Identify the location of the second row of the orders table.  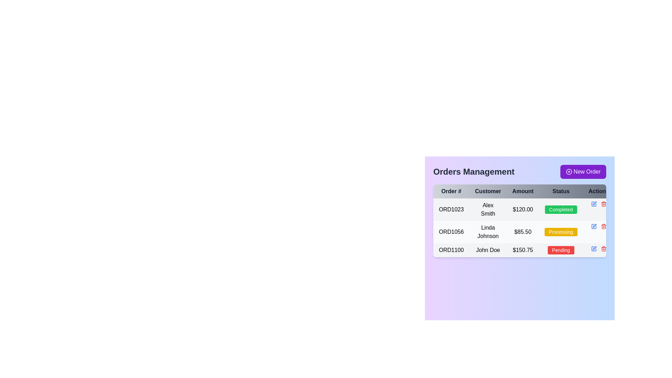
(524, 232).